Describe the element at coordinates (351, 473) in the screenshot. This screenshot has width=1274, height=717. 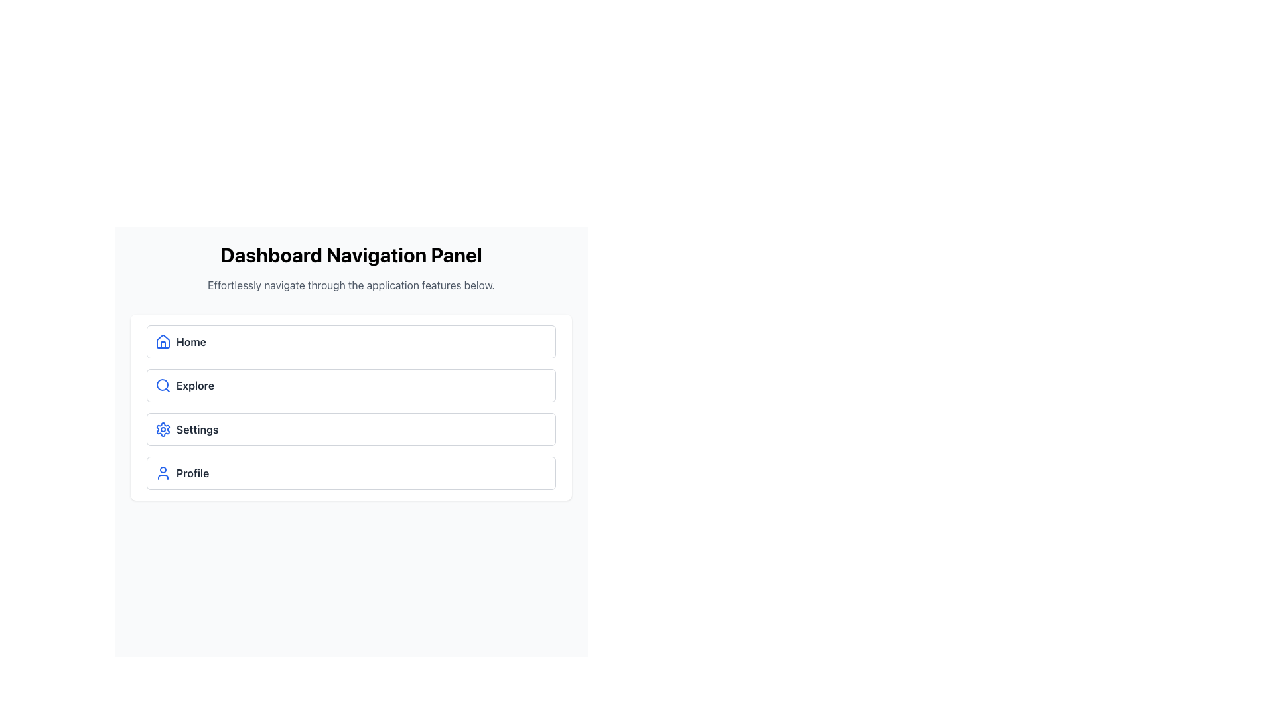
I see `the 'Profile' navigation button located at the bottom of the vertical list of buttons` at that location.